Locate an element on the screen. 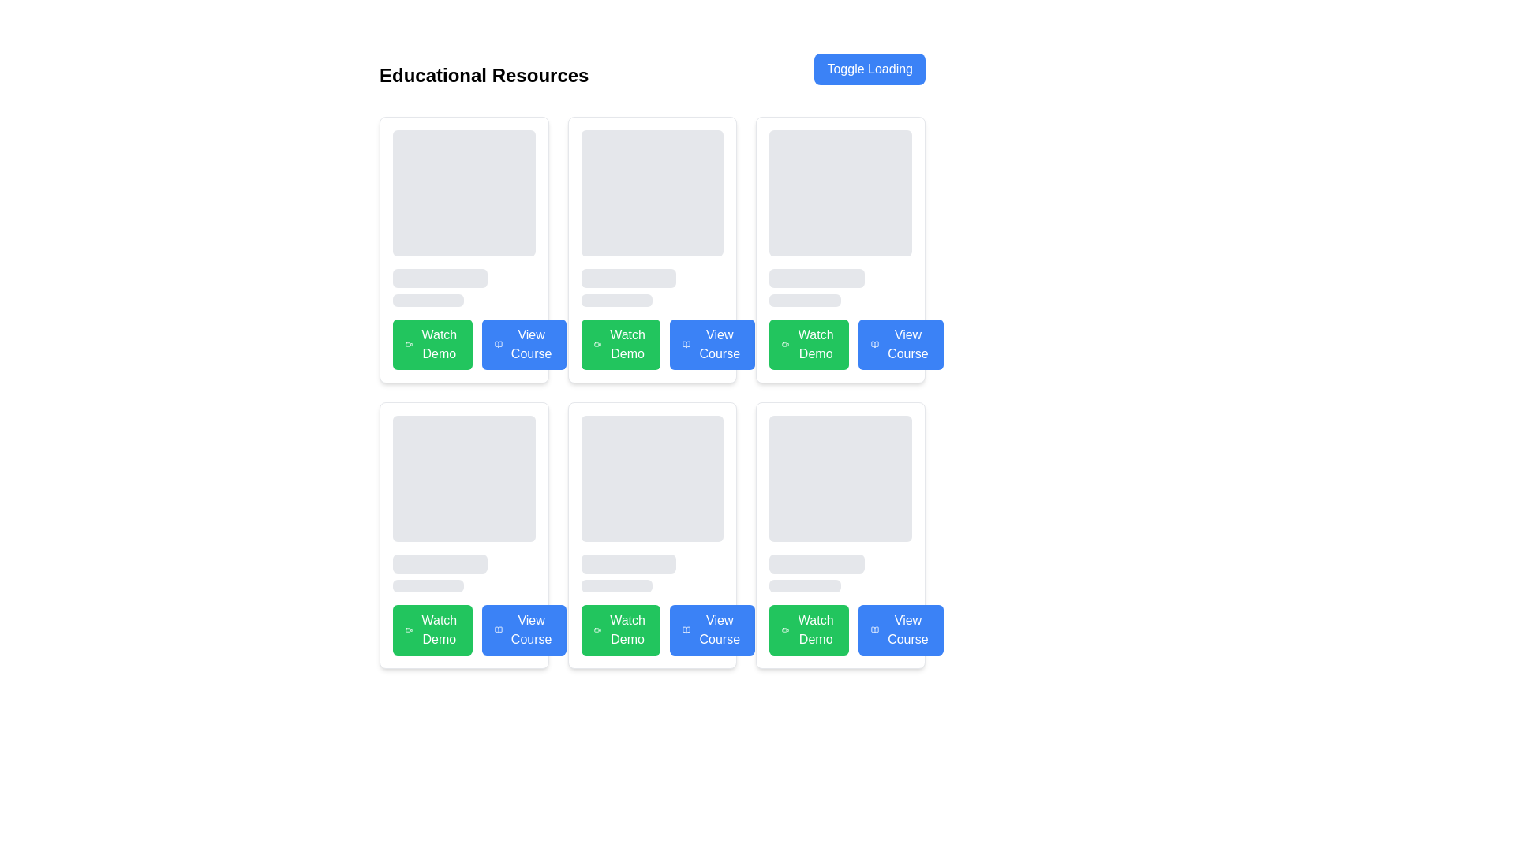  the small book icon inside the blue 'View Course' button located on the right-hand side of the second course card in the grid of educational resources is located at coordinates (686, 343).